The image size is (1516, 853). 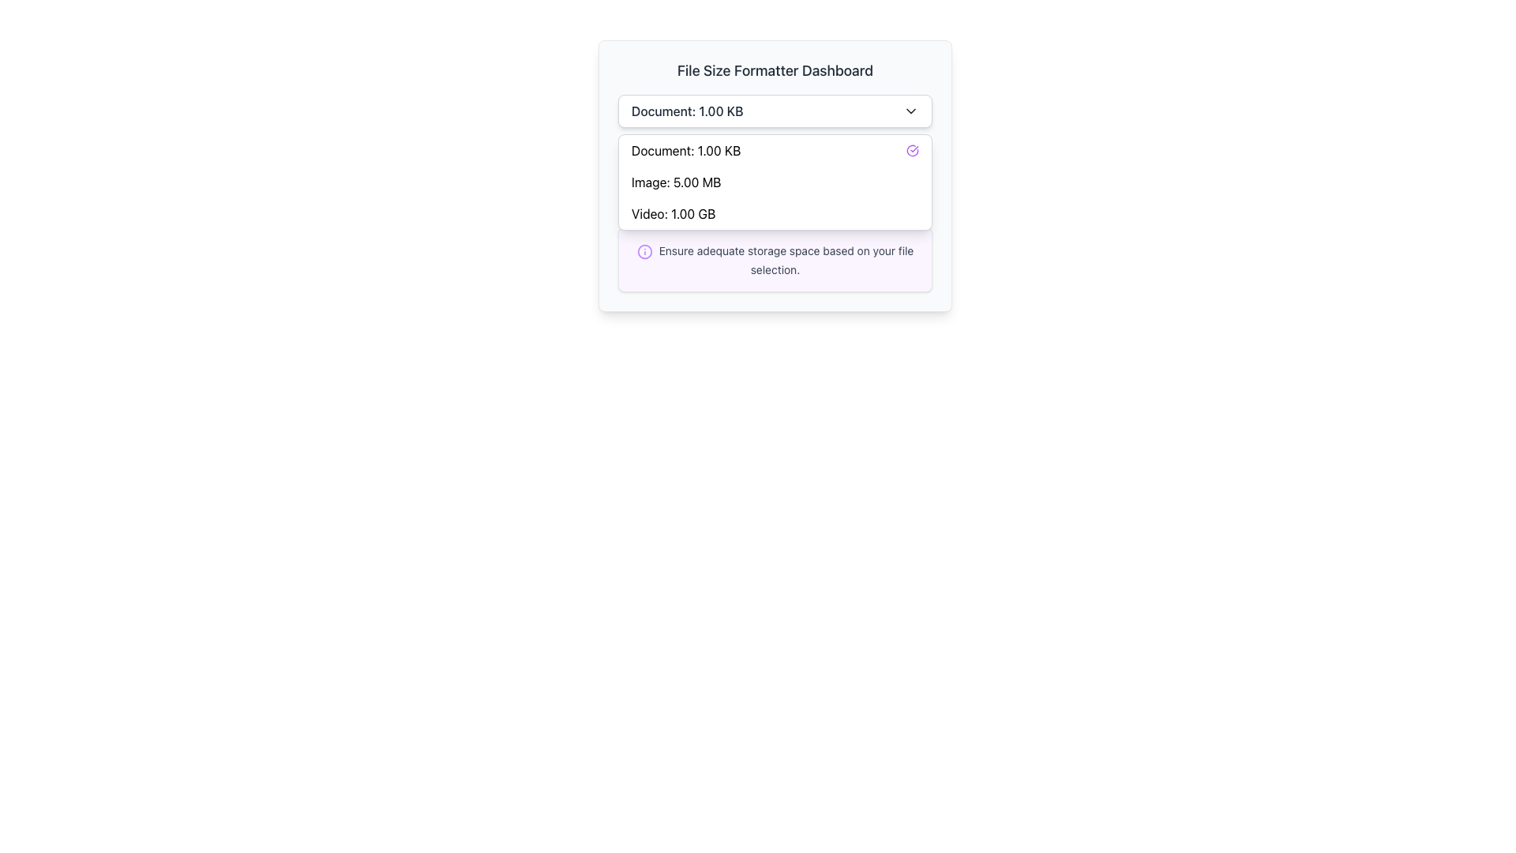 I want to click on the informational icon located in the top-left corner of the message box that contains the text 'Ensure adequate storage space based on your file selection.', so click(x=644, y=250).